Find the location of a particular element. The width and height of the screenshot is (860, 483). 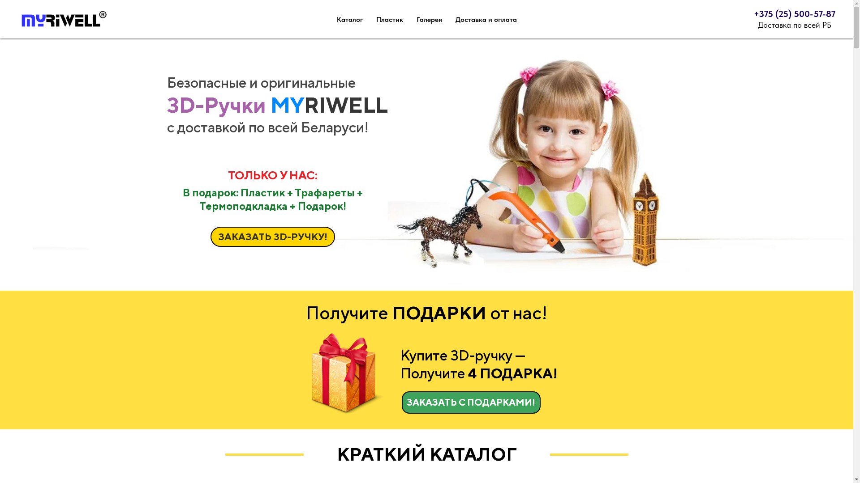

'+375 (25) 500-57-87' is located at coordinates (795, 13).